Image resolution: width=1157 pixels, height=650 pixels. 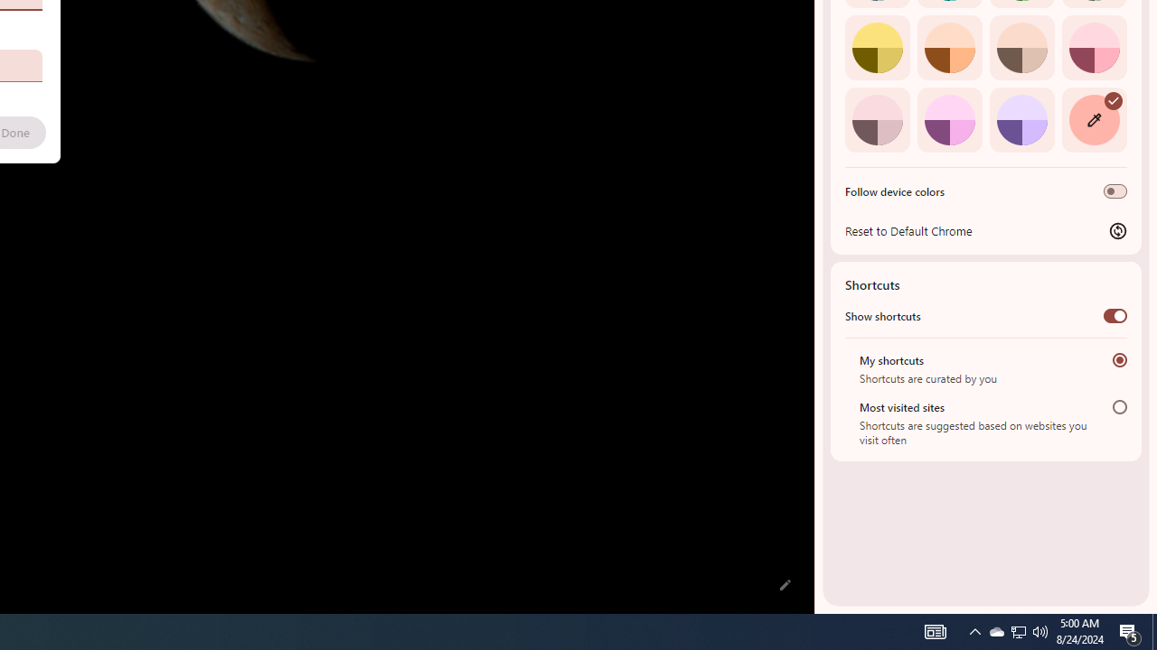 I want to click on 'Most visited sites', so click(x=1119, y=406).